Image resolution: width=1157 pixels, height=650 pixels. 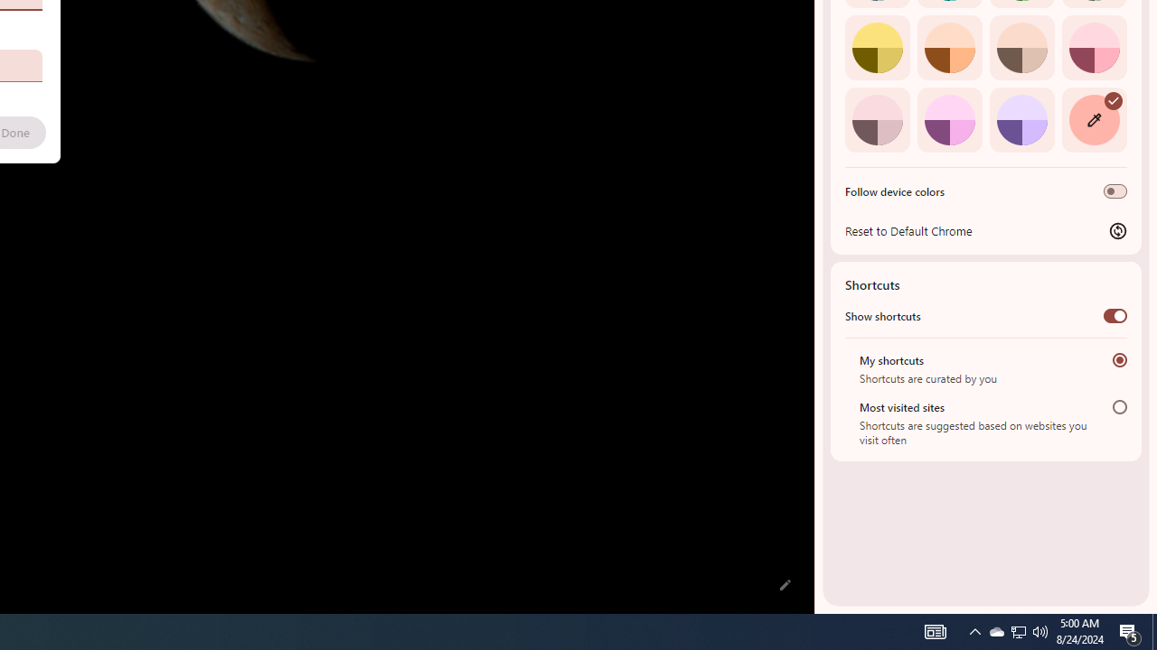 I want to click on 'Most visited sites', so click(x=1119, y=406).